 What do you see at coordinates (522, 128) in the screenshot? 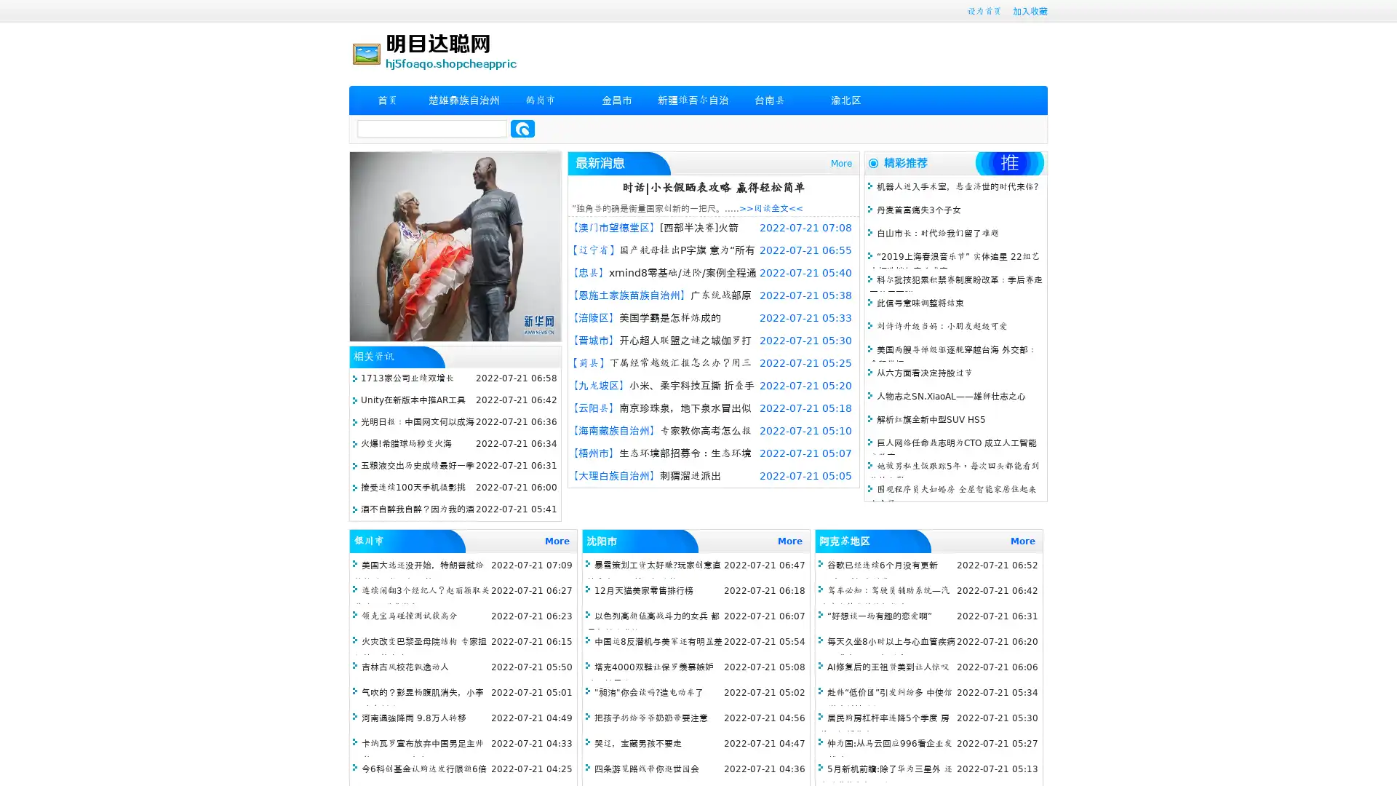
I see `Search` at bounding box center [522, 128].